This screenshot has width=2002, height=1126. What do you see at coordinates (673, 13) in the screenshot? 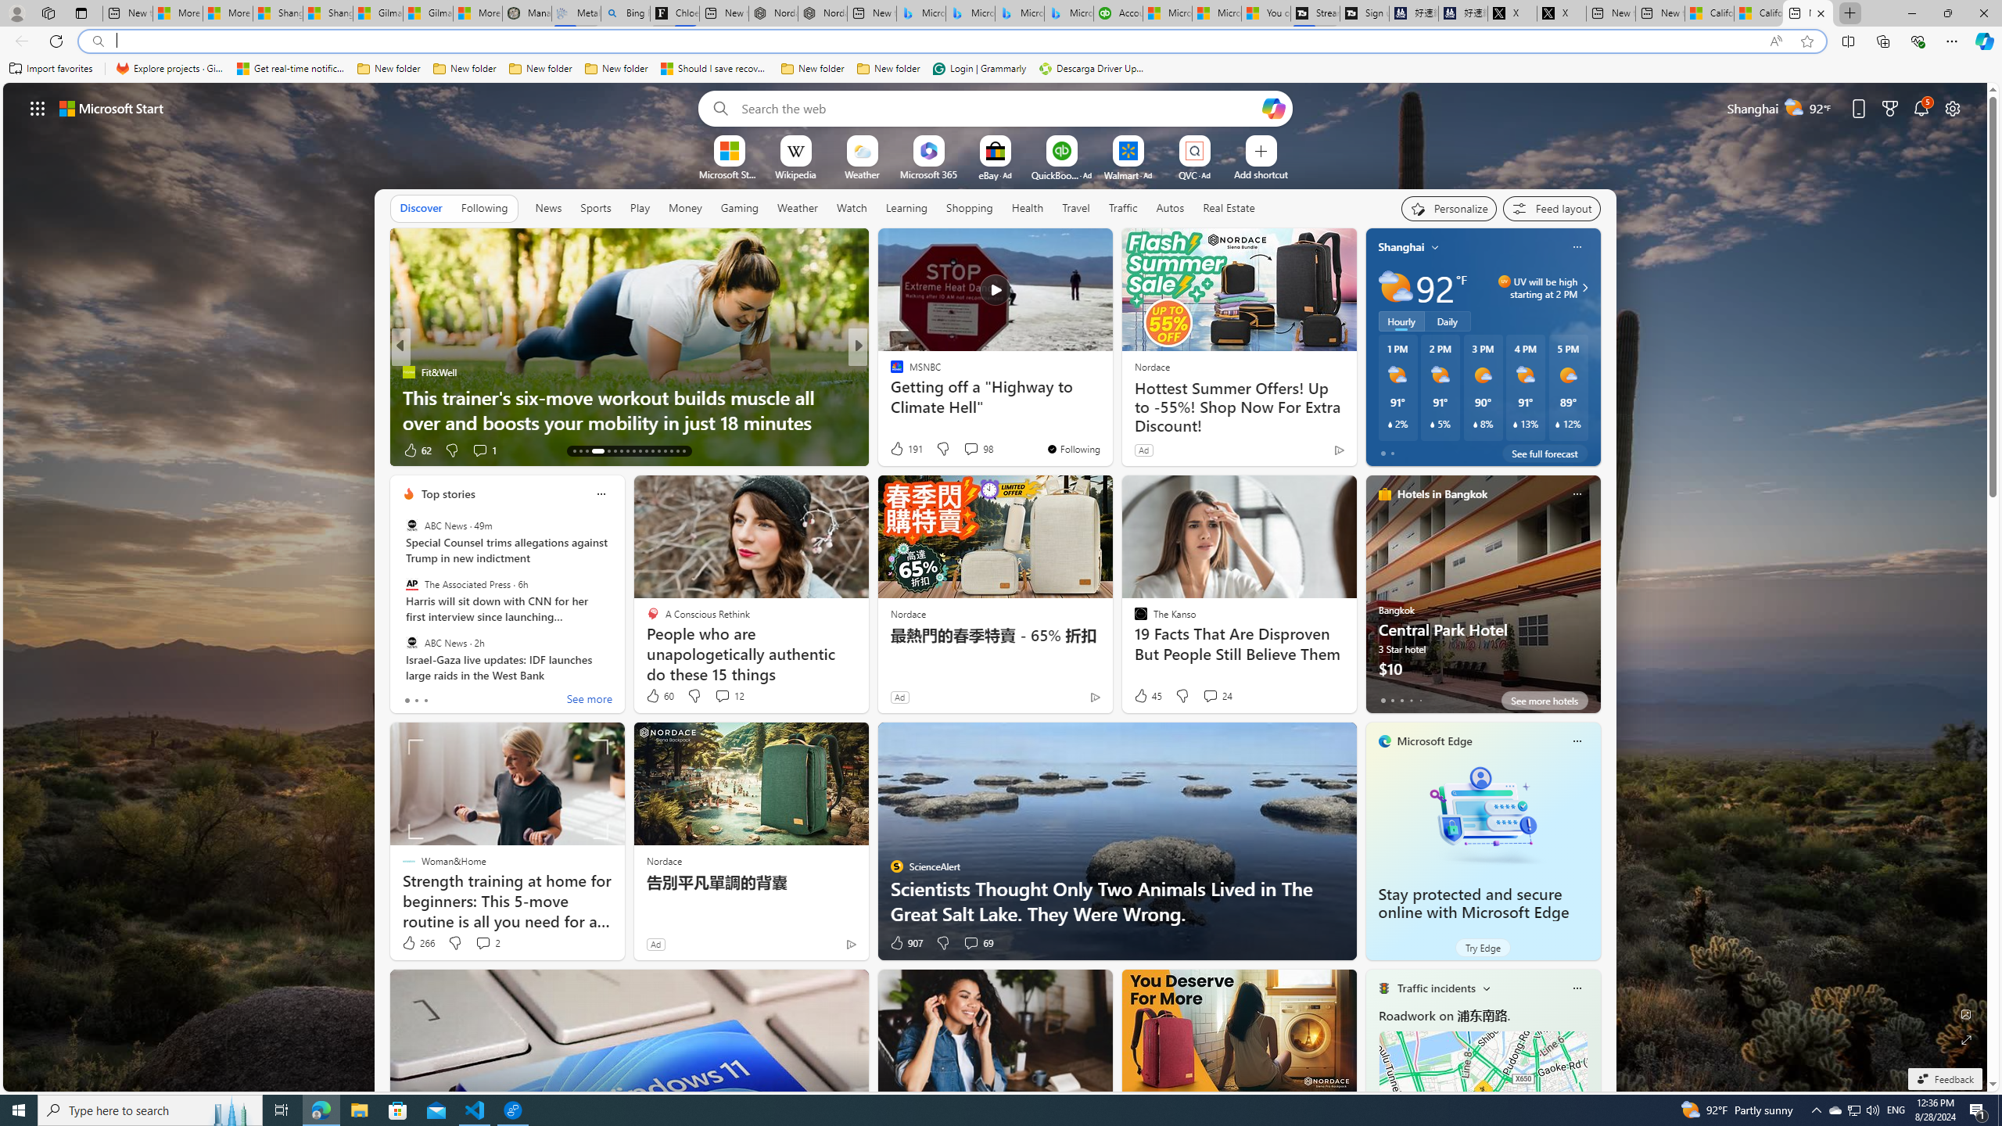
I see `'Chloe Sorvino'` at bounding box center [673, 13].